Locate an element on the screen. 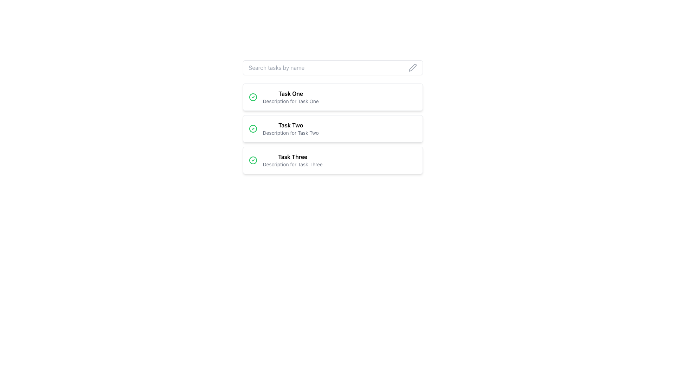 The height and width of the screenshot is (379, 675). the icon with a green outlined circle and checkmark indicating task completion, located to the left of the text 'Task One' is located at coordinates (253, 97).